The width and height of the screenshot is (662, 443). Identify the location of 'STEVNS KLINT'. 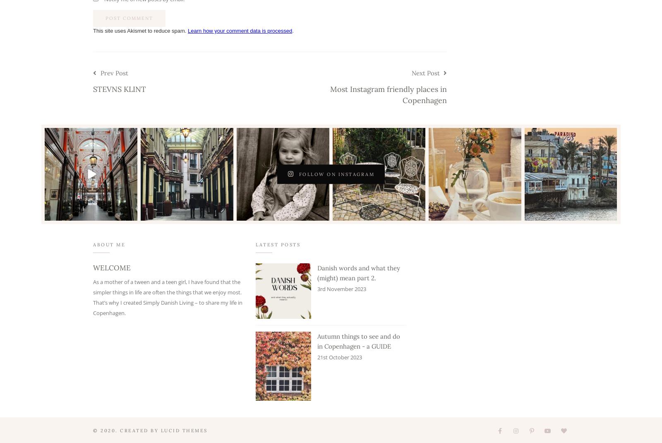
(119, 88).